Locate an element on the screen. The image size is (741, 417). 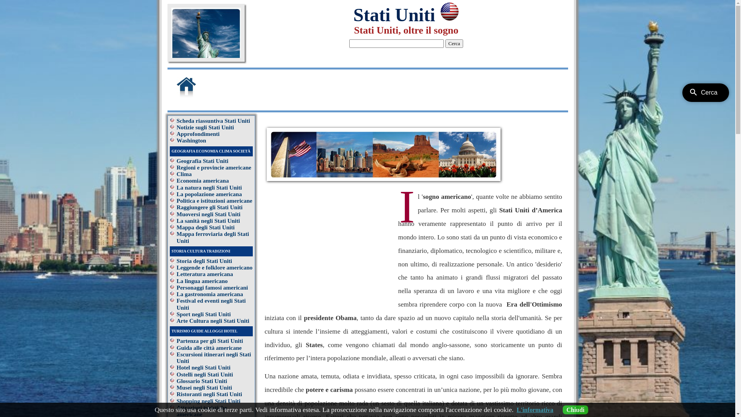
'Clima' is located at coordinates (184, 174).